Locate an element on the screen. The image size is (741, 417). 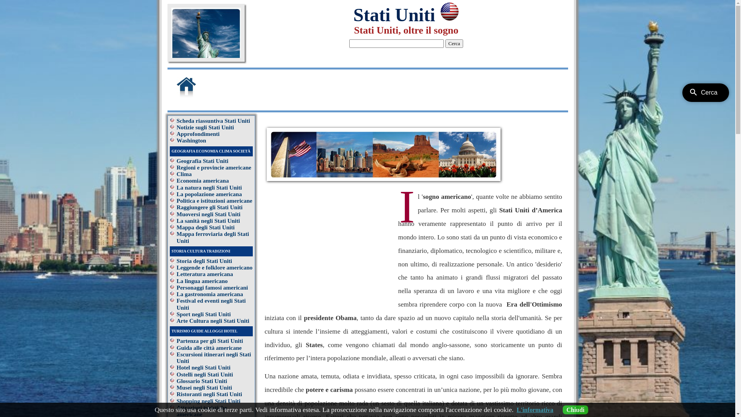
'Clima' is located at coordinates (184, 174).